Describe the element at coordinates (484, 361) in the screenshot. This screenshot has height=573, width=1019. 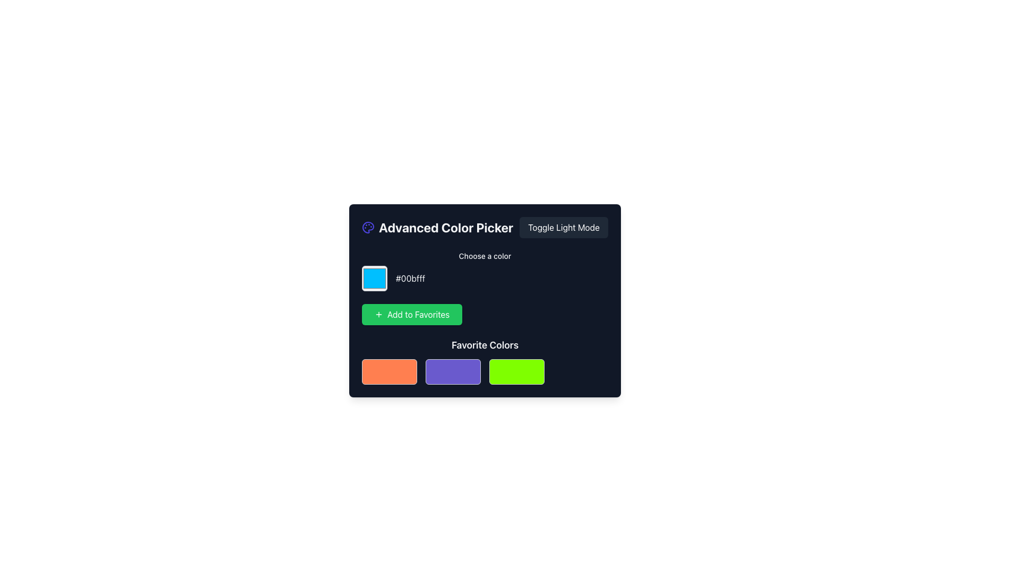
I see `the colored tile in the grid below the 'Favorite Colors' header to select or edit colors` at that location.